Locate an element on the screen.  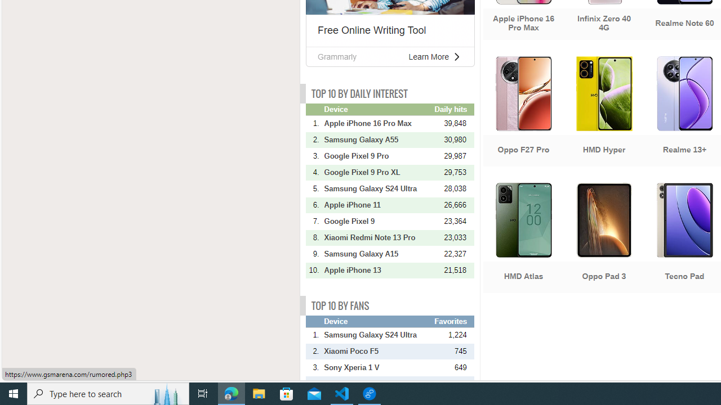
'HMD Hyper' is located at coordinates (603, 112).